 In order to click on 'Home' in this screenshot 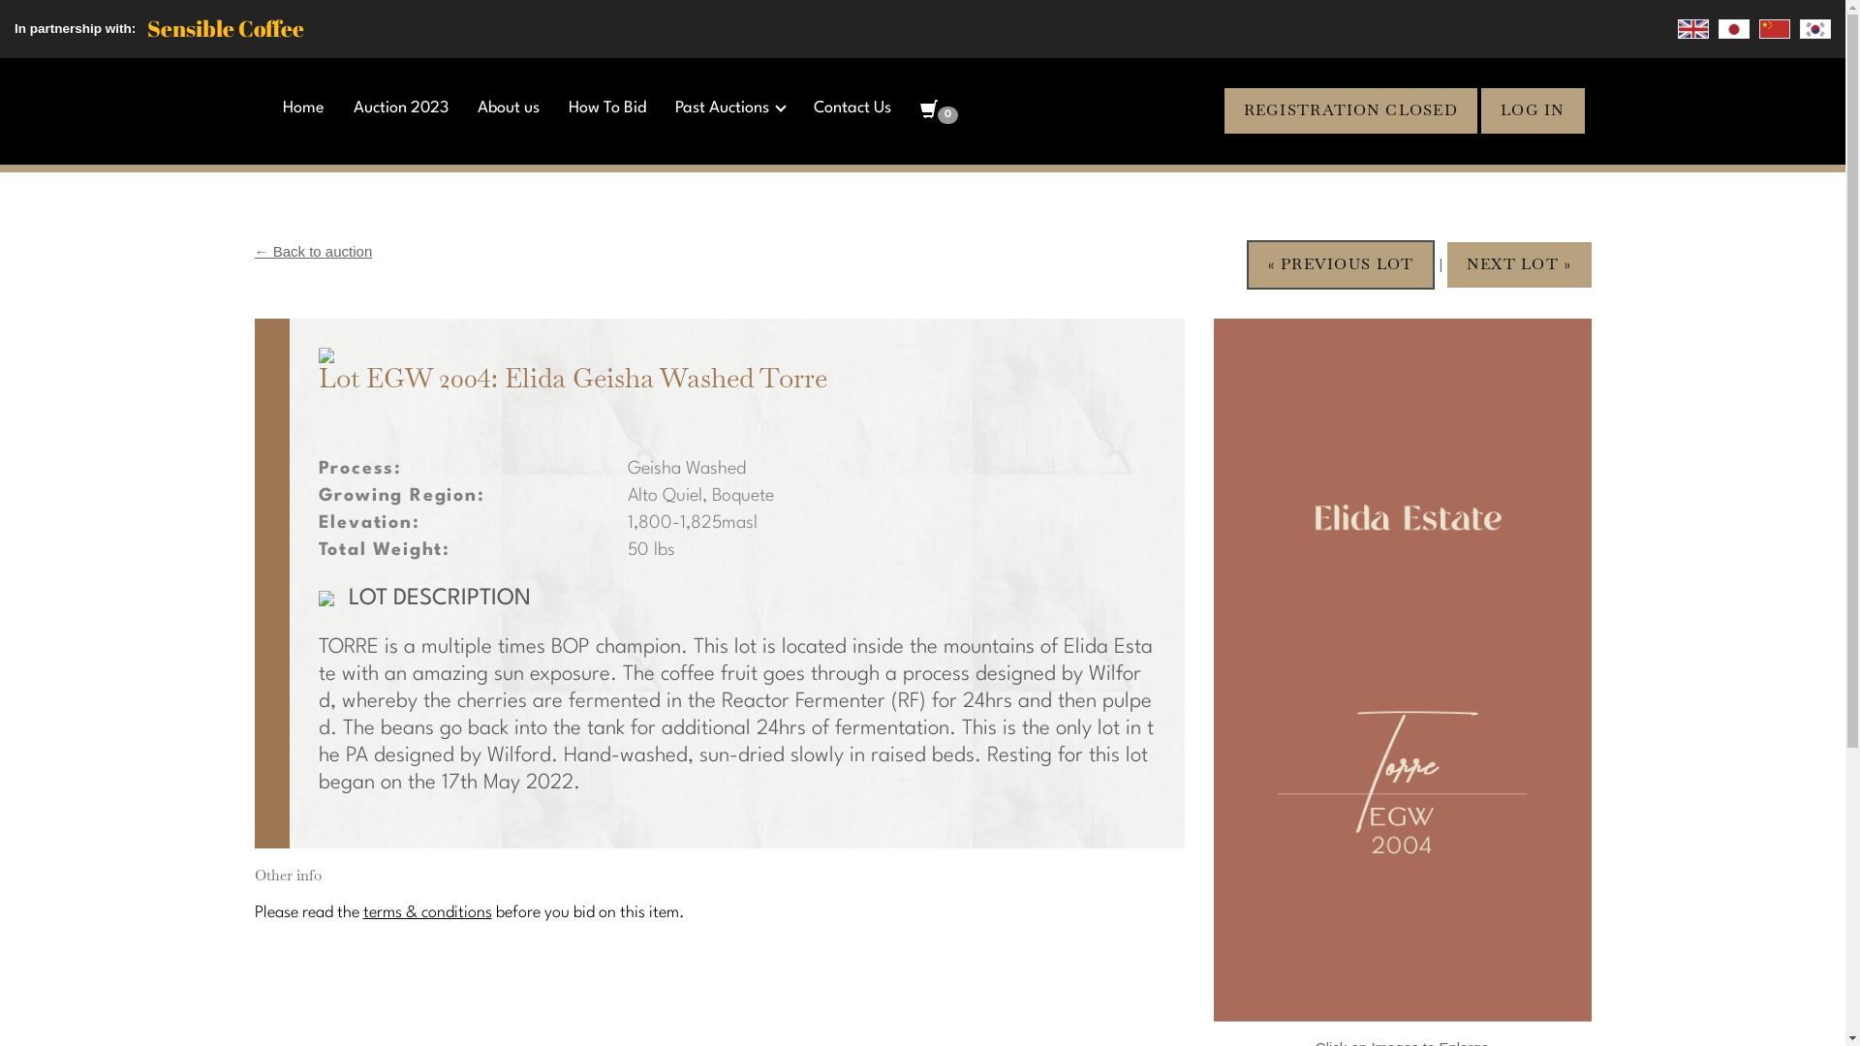, I will do `click(302, 108)`.